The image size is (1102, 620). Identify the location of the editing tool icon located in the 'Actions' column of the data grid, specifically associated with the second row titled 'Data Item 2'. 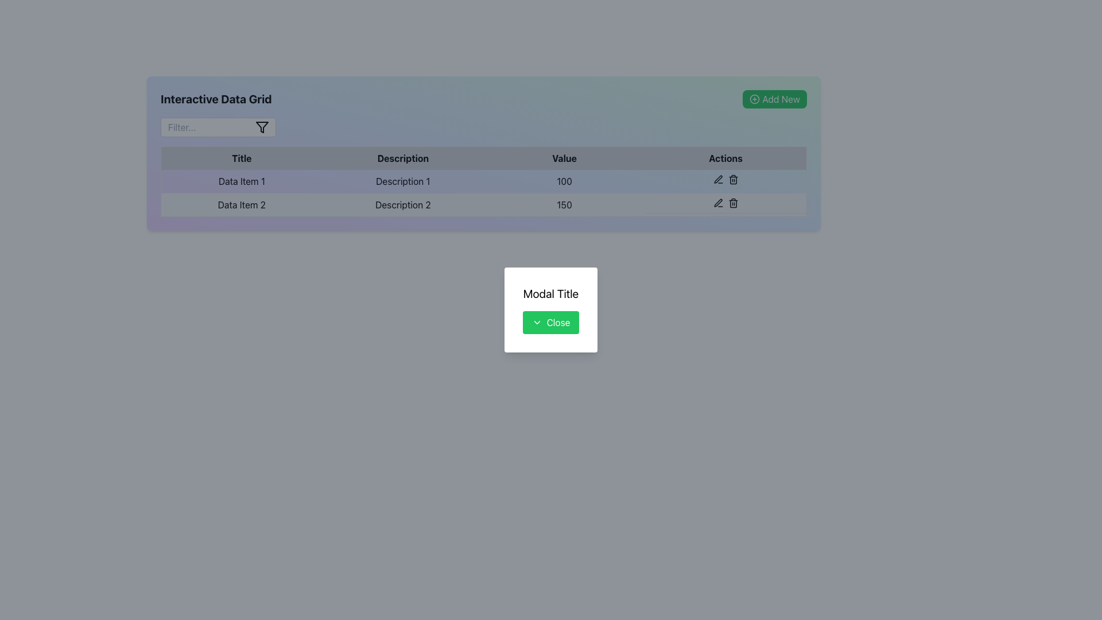
(717, 179).